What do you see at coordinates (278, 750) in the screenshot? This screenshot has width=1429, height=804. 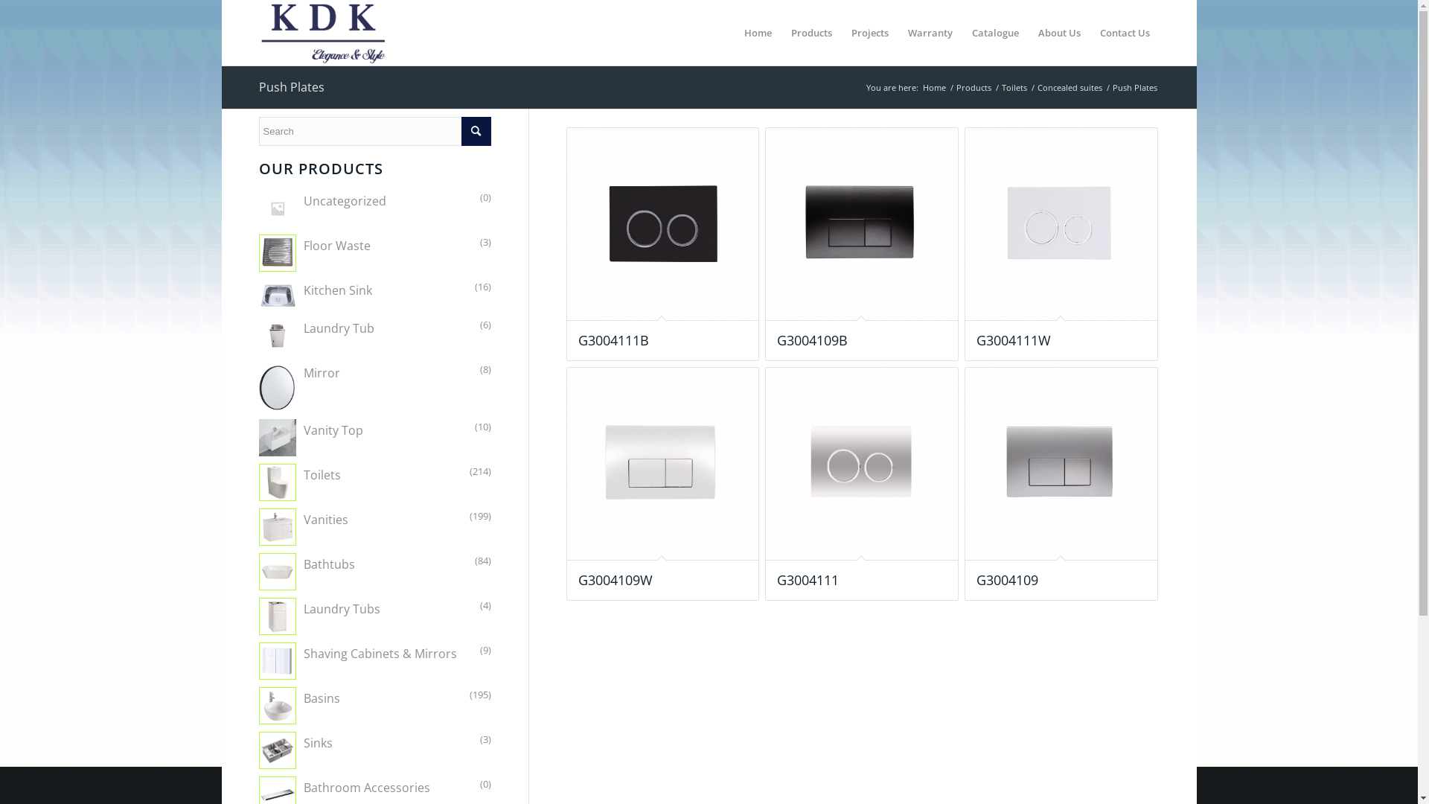 I see `'Sinks'` at bounding box center [278, 750].